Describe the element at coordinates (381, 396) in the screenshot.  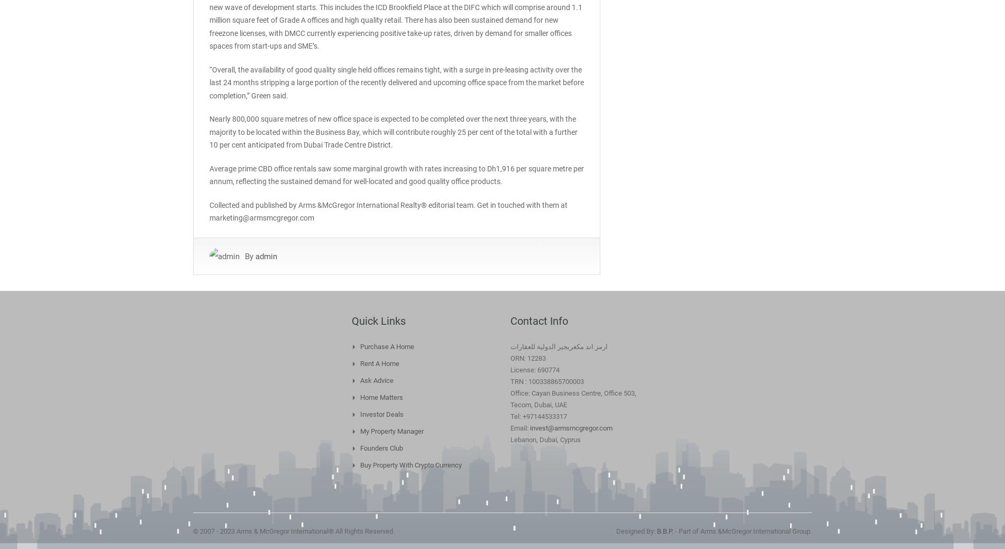
I see `'Home Matters'` at that location.